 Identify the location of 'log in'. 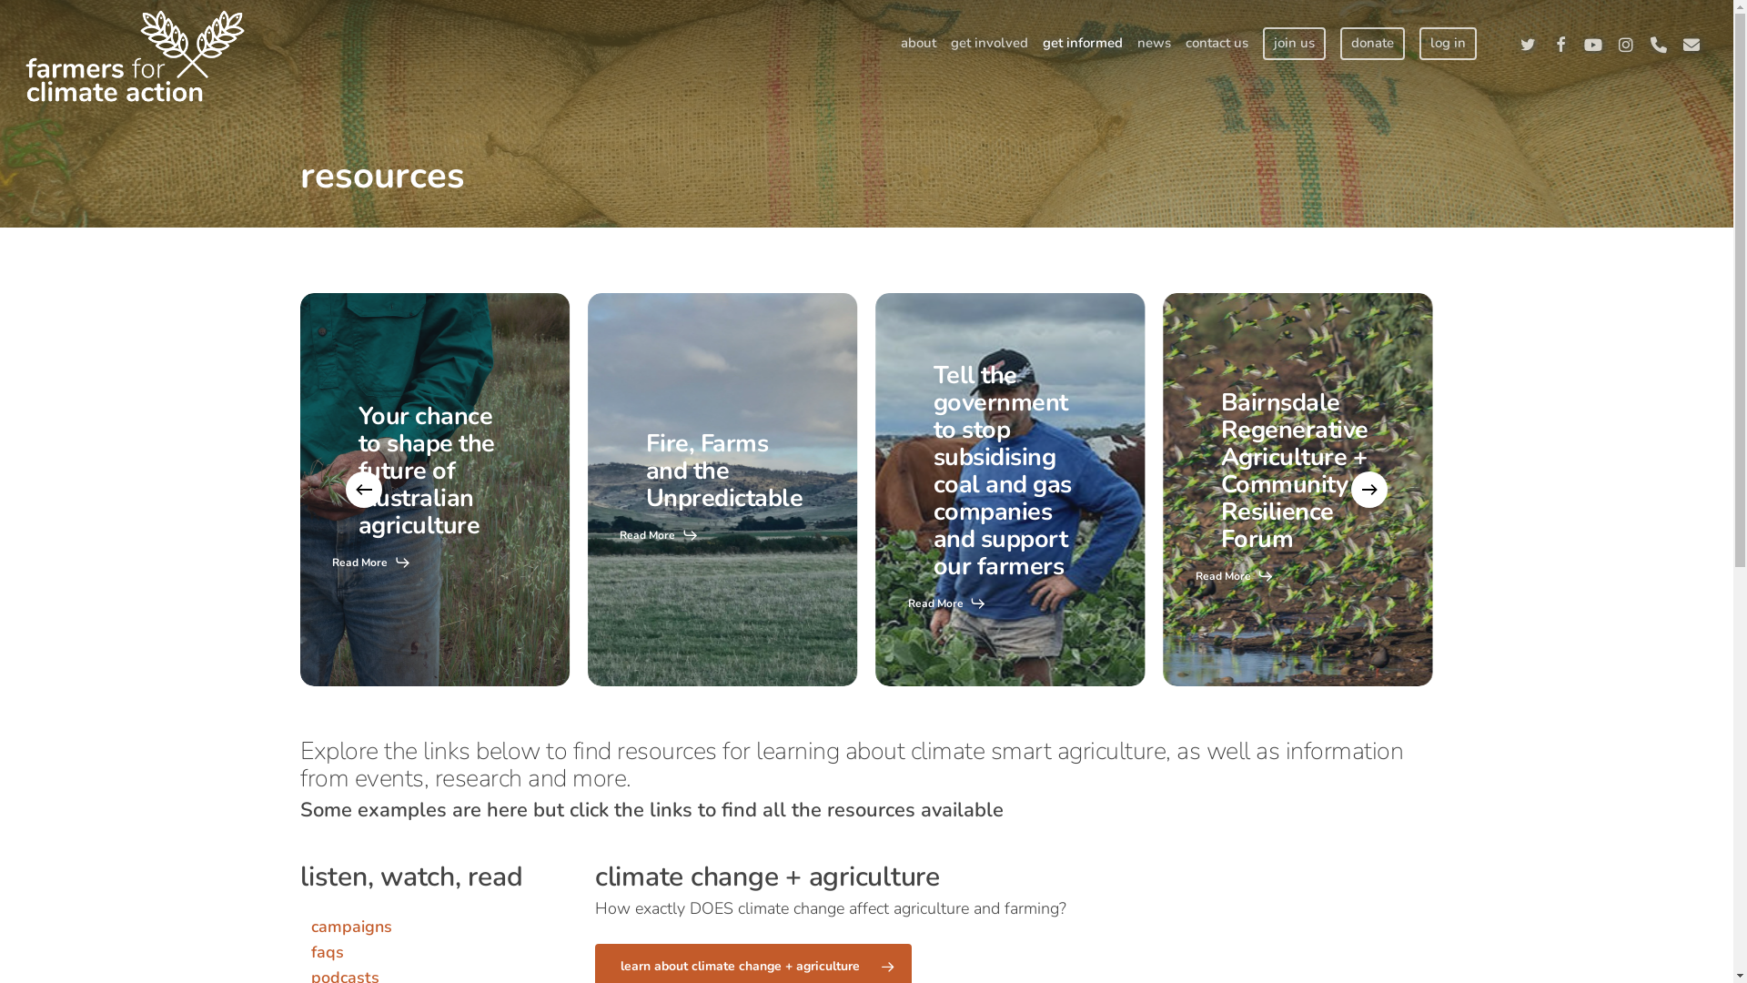
(1447, 42).